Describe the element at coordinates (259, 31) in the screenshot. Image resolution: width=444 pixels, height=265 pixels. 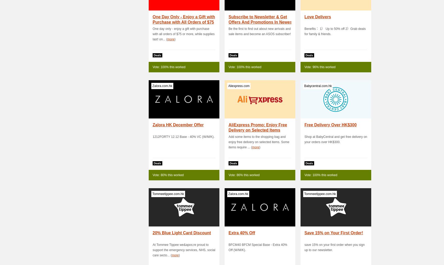
I see `'Be the first to find out about new arrivals and sale items and become an ASOS subscriber!'` at that location.